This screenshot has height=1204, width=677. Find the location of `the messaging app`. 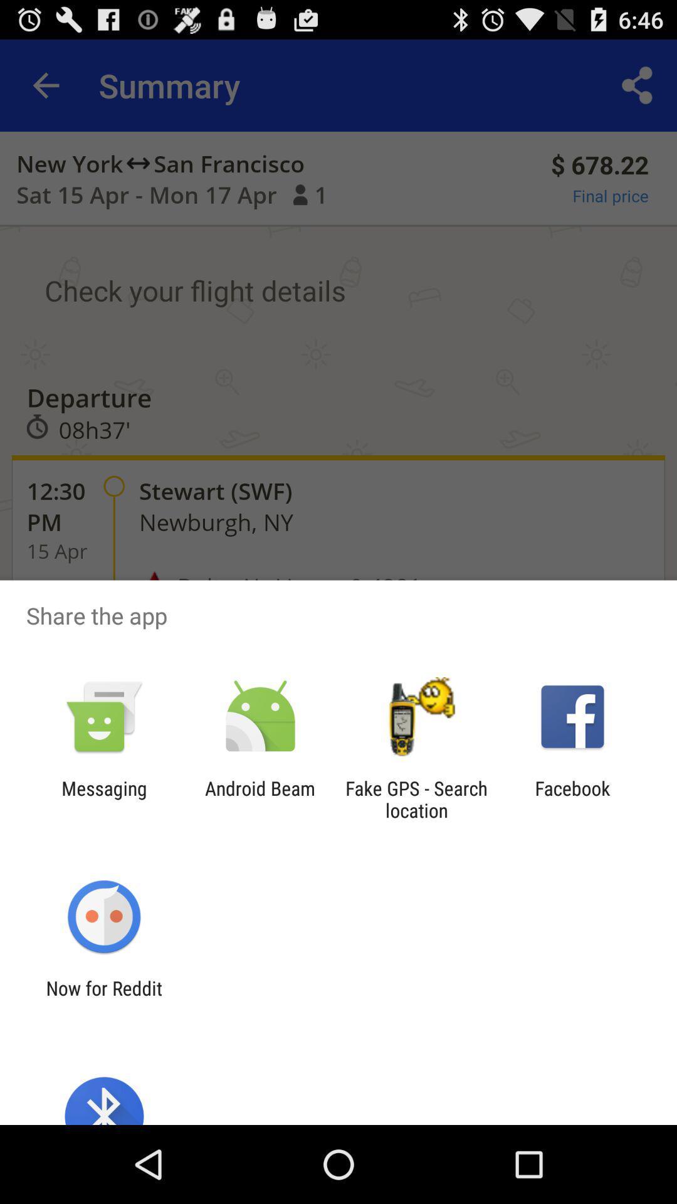

the messaging app is located at coordinates (103, 799).